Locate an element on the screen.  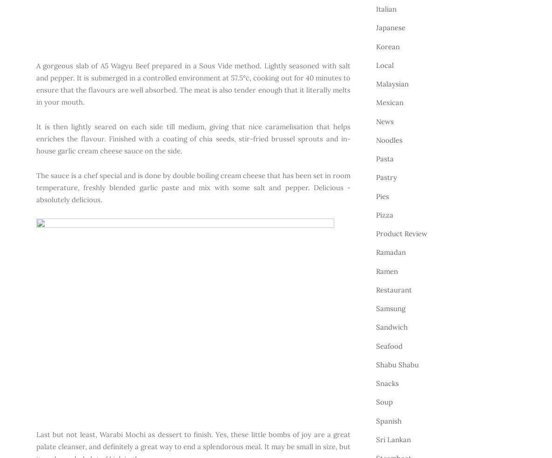
'Sandwich' is located at coordinates (391, 327).